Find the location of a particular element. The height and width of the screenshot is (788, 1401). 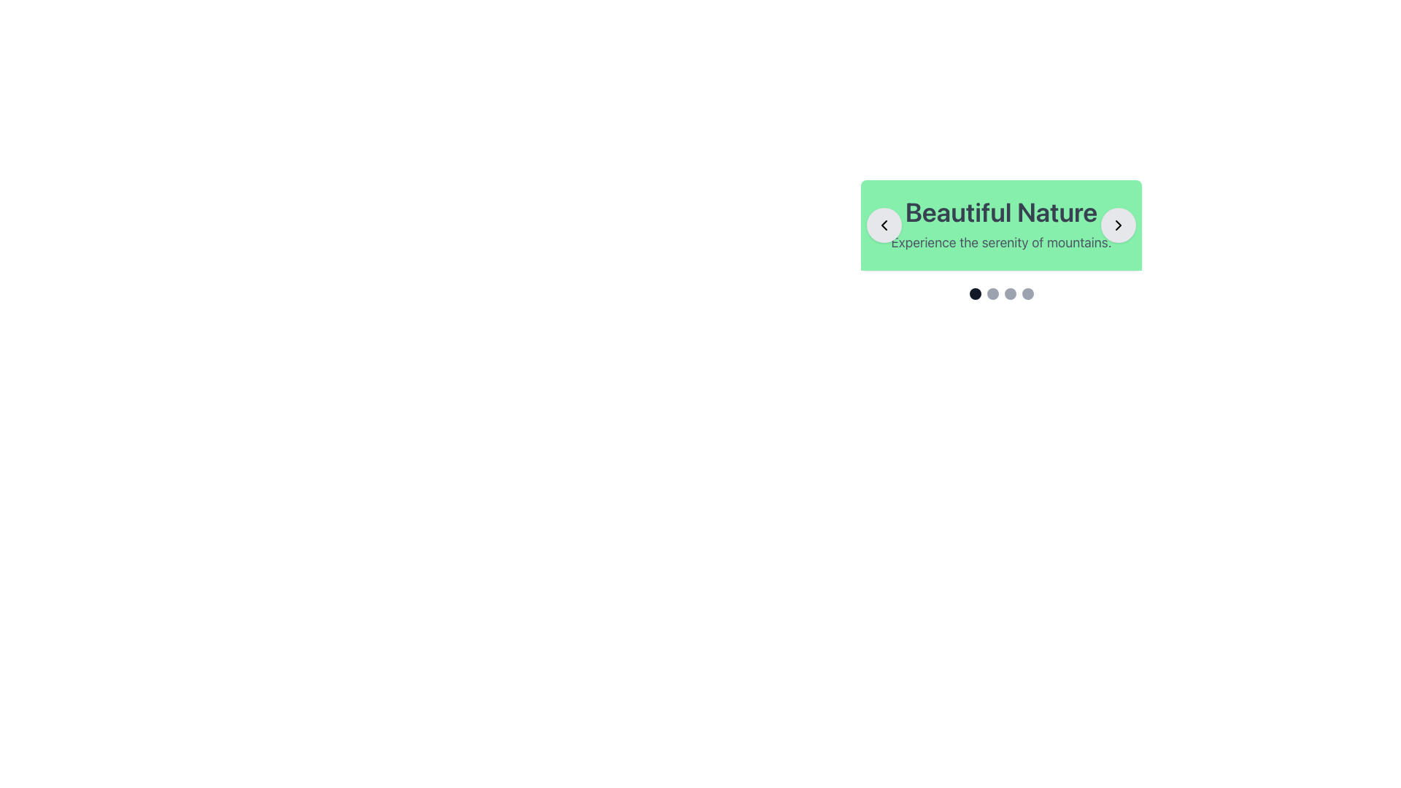

the chevron right icon within the circular gray button on the right edge of the green panel is located at coordinates (1117, 225).